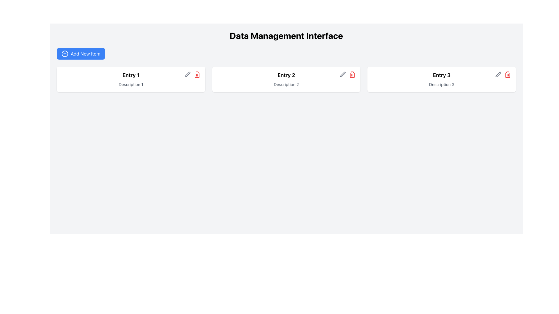 This screenshot has width=559, height=314. Describe the element at coordinates (286, 84) in the screenshot. I see `the text label displaying 'Description 2', which is styled with a smaller font size and a subtle gray color, located beneath the heading 'Entry 2' in the middle panel` at that location.